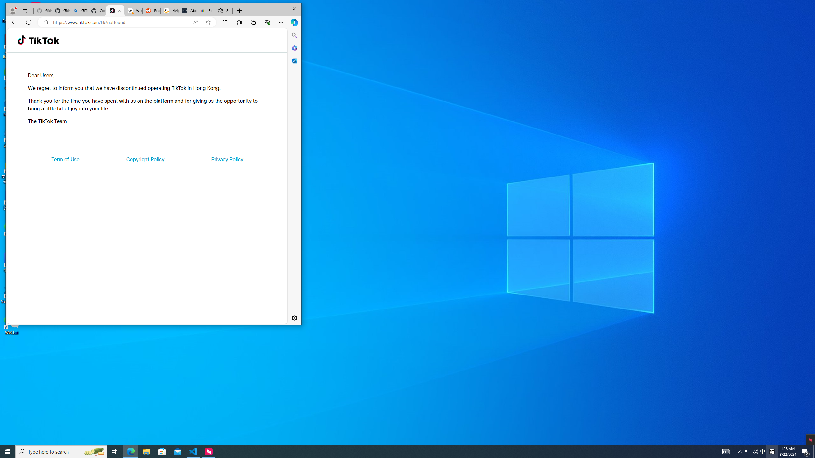 This screenshot has height=458, width=815. What do you see at coordinates (751, 451) in the screenshot?
I see `'User Promoted Notification Area'` at bounding box center [751, 451].